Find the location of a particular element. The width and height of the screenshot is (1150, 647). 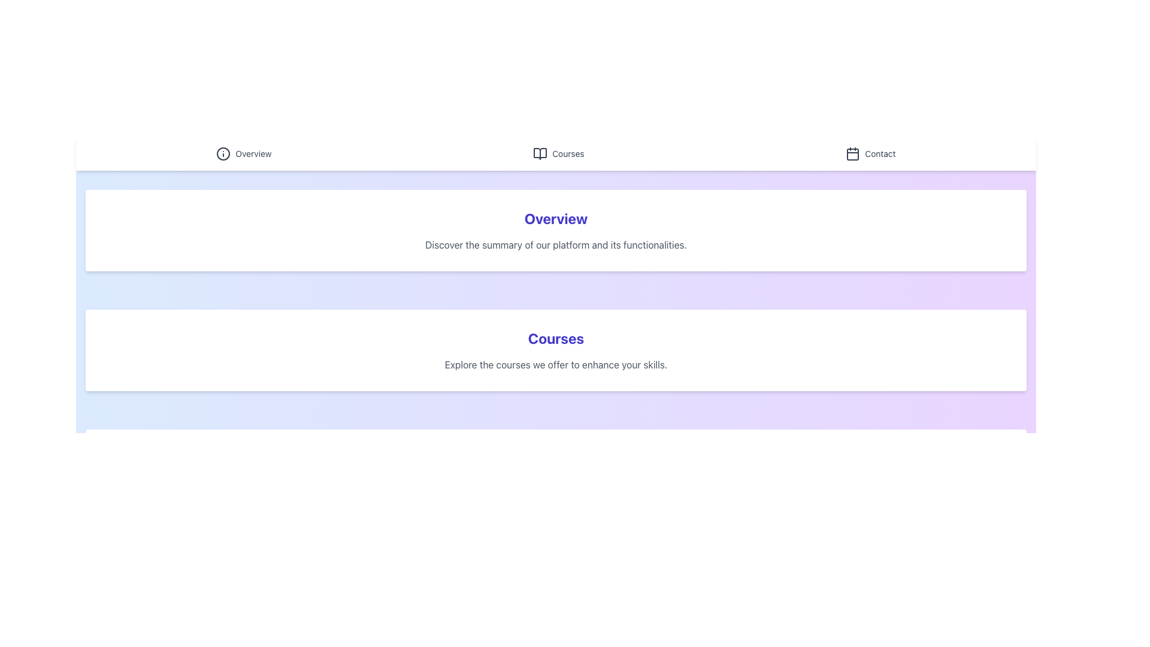

the 'Contact' navigation link with a calendar icon located in the top navigation bar is located at coordinates (871, 153).